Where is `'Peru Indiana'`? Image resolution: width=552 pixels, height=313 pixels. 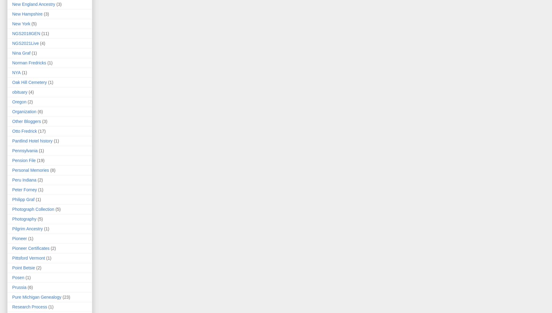
'Peru Indiana' is located at coordinates (24, 179).